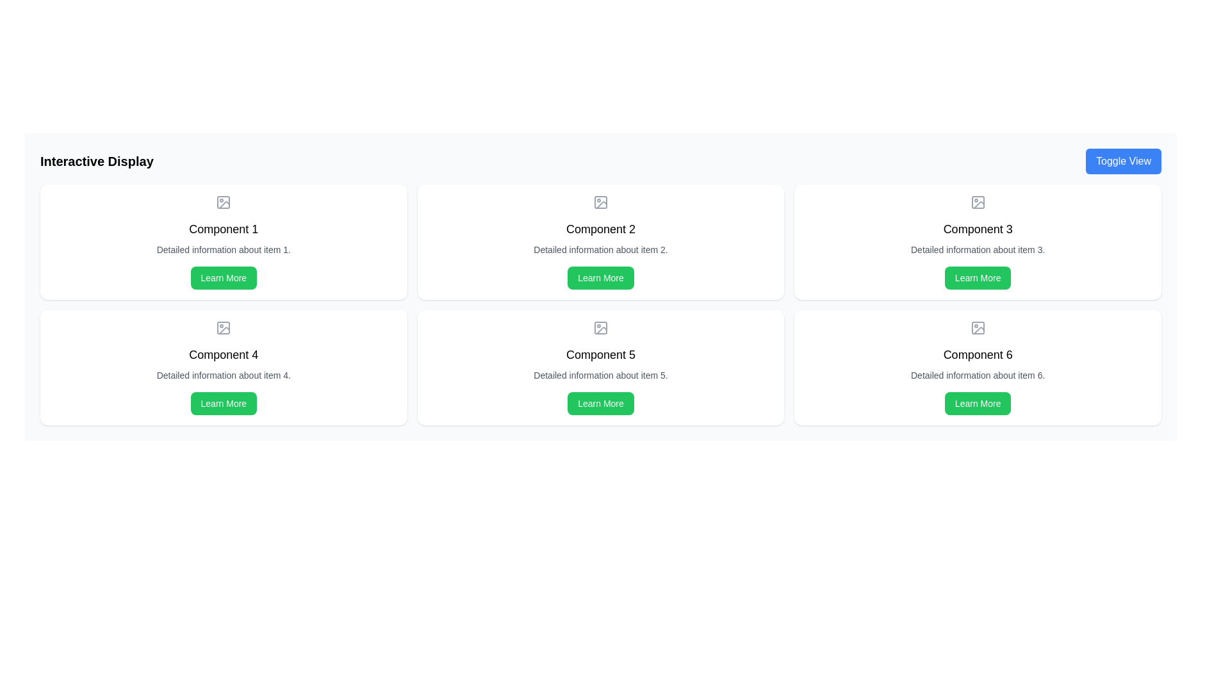 This screenshot has width=1230, height=692. I want to click on the icon located at the top center of the 'Component 6' card, which serves as an image placeholder, so click(977, 327).